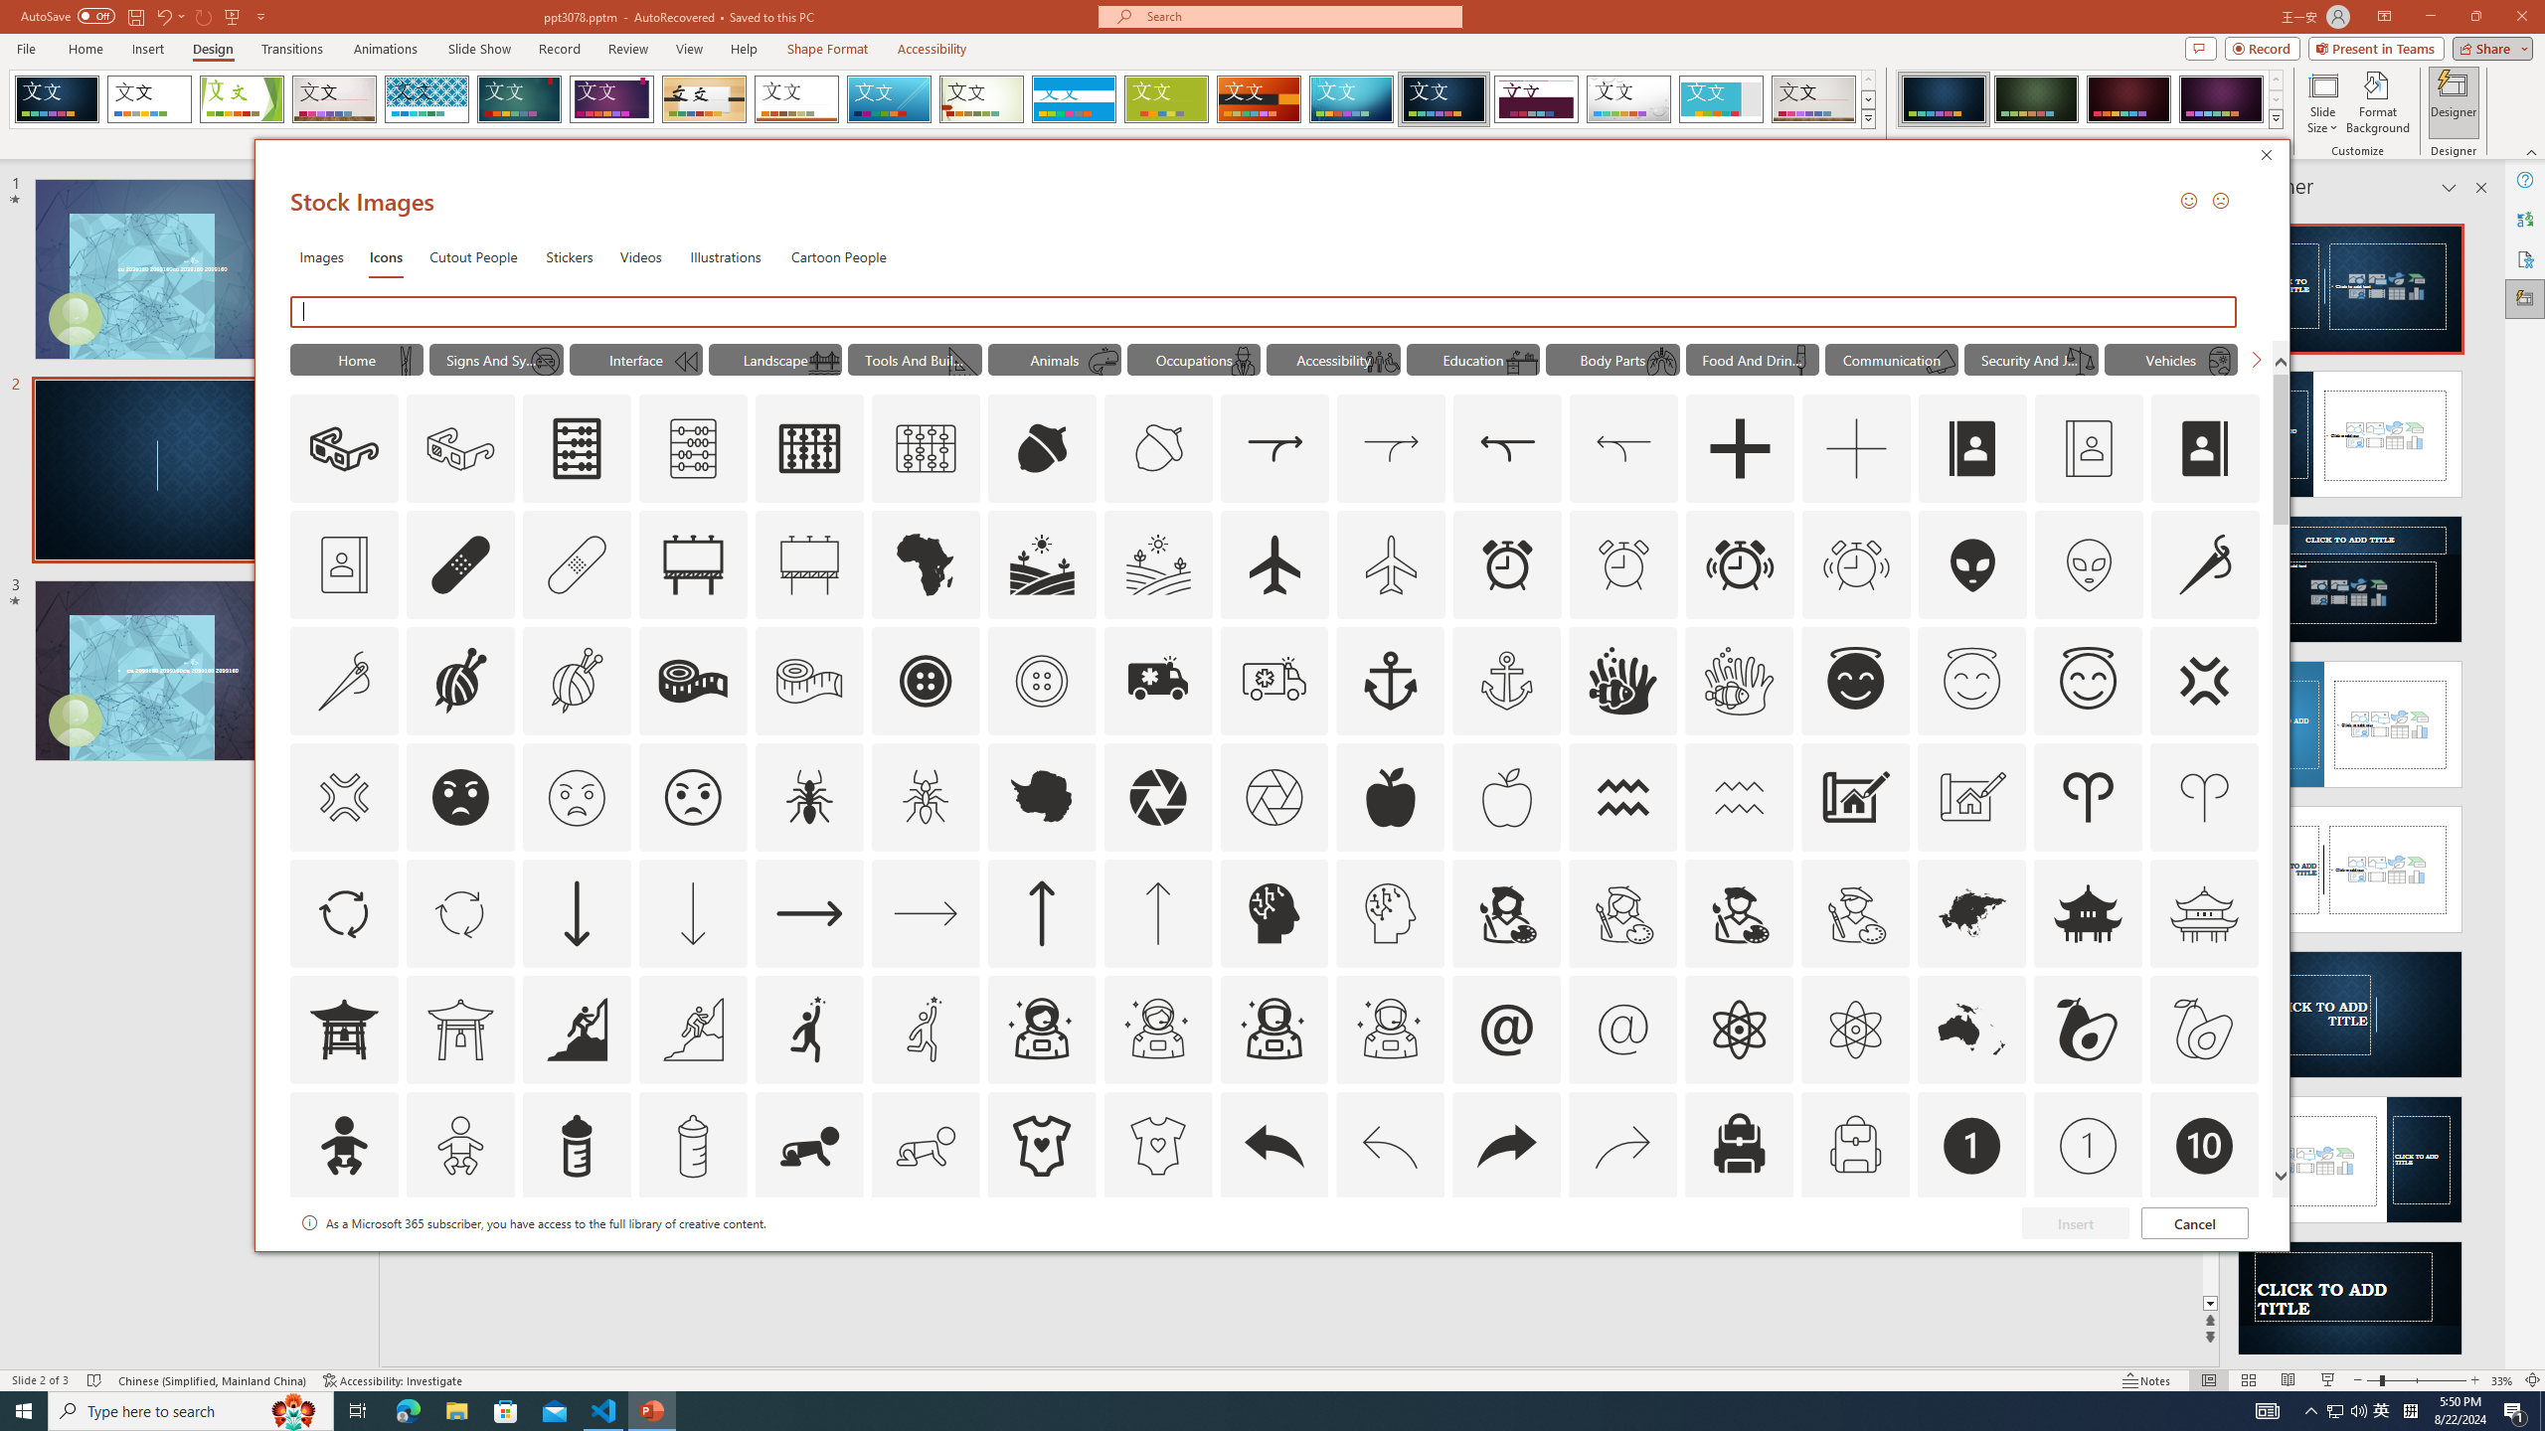  Describe the element at coordinates (2127, 98) in the screenshot. I see `'Damask Variant 3'` at that location.